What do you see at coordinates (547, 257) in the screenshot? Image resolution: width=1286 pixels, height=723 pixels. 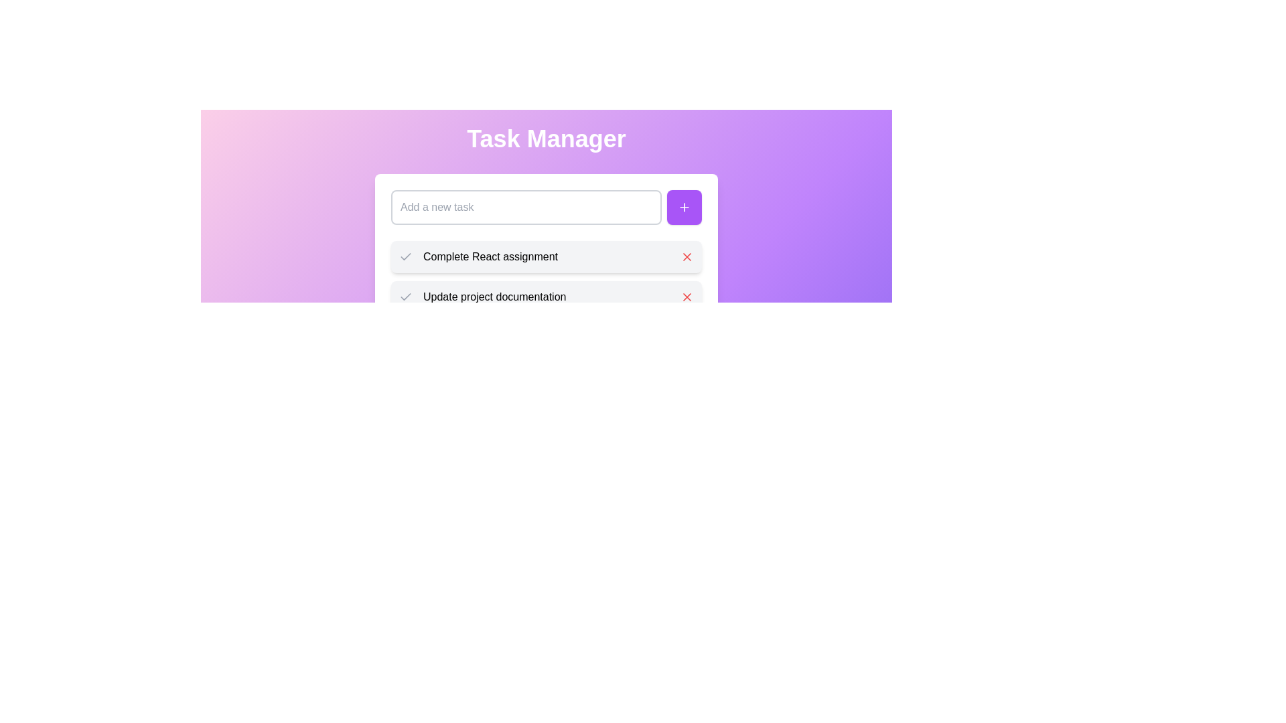 I see `the text of the first task card in the task manager application to read the task description` at bounding box center [547, 257].